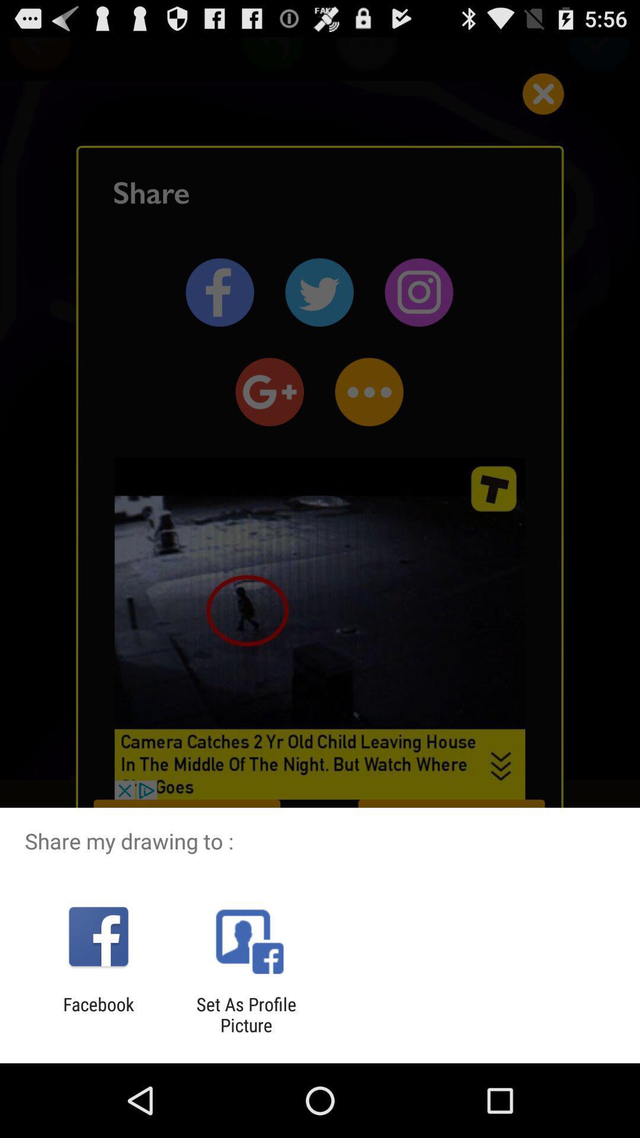  I want to click on facebook app, so click(98, 1014).